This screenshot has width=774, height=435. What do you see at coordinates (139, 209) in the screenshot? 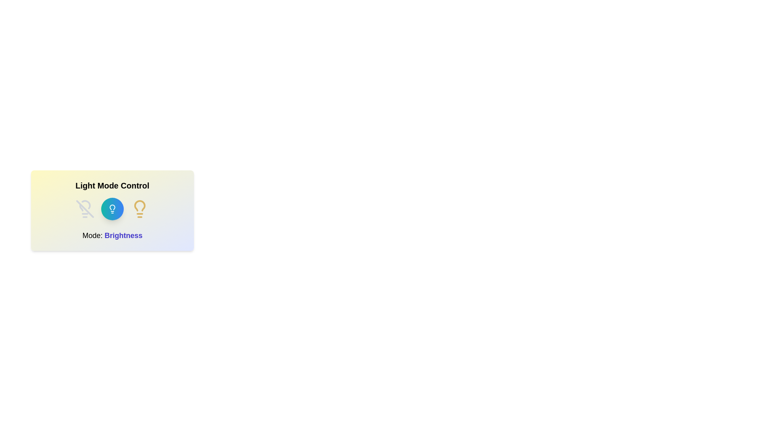
I see `the lightbulb icon with on state to observe its visual feedback` at bounding box center [139, 209].